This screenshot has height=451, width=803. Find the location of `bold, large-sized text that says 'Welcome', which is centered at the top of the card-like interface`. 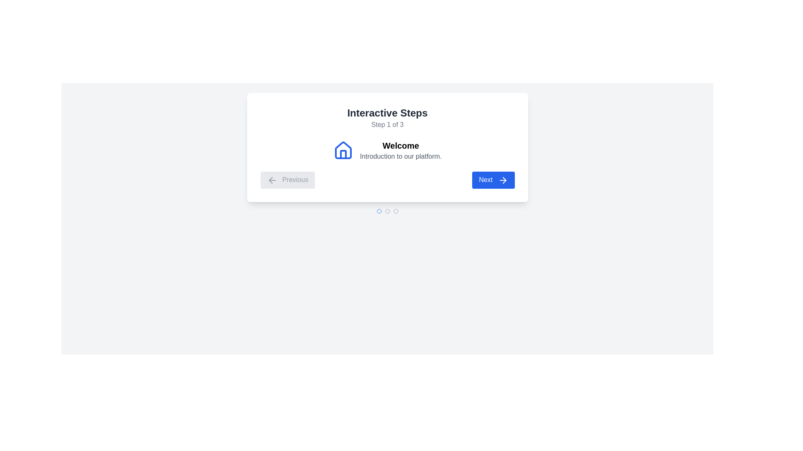

bold, large-sized text that says 'Welcome', which is centered at the top of the card-like interface is located at coordinates (400, 145).